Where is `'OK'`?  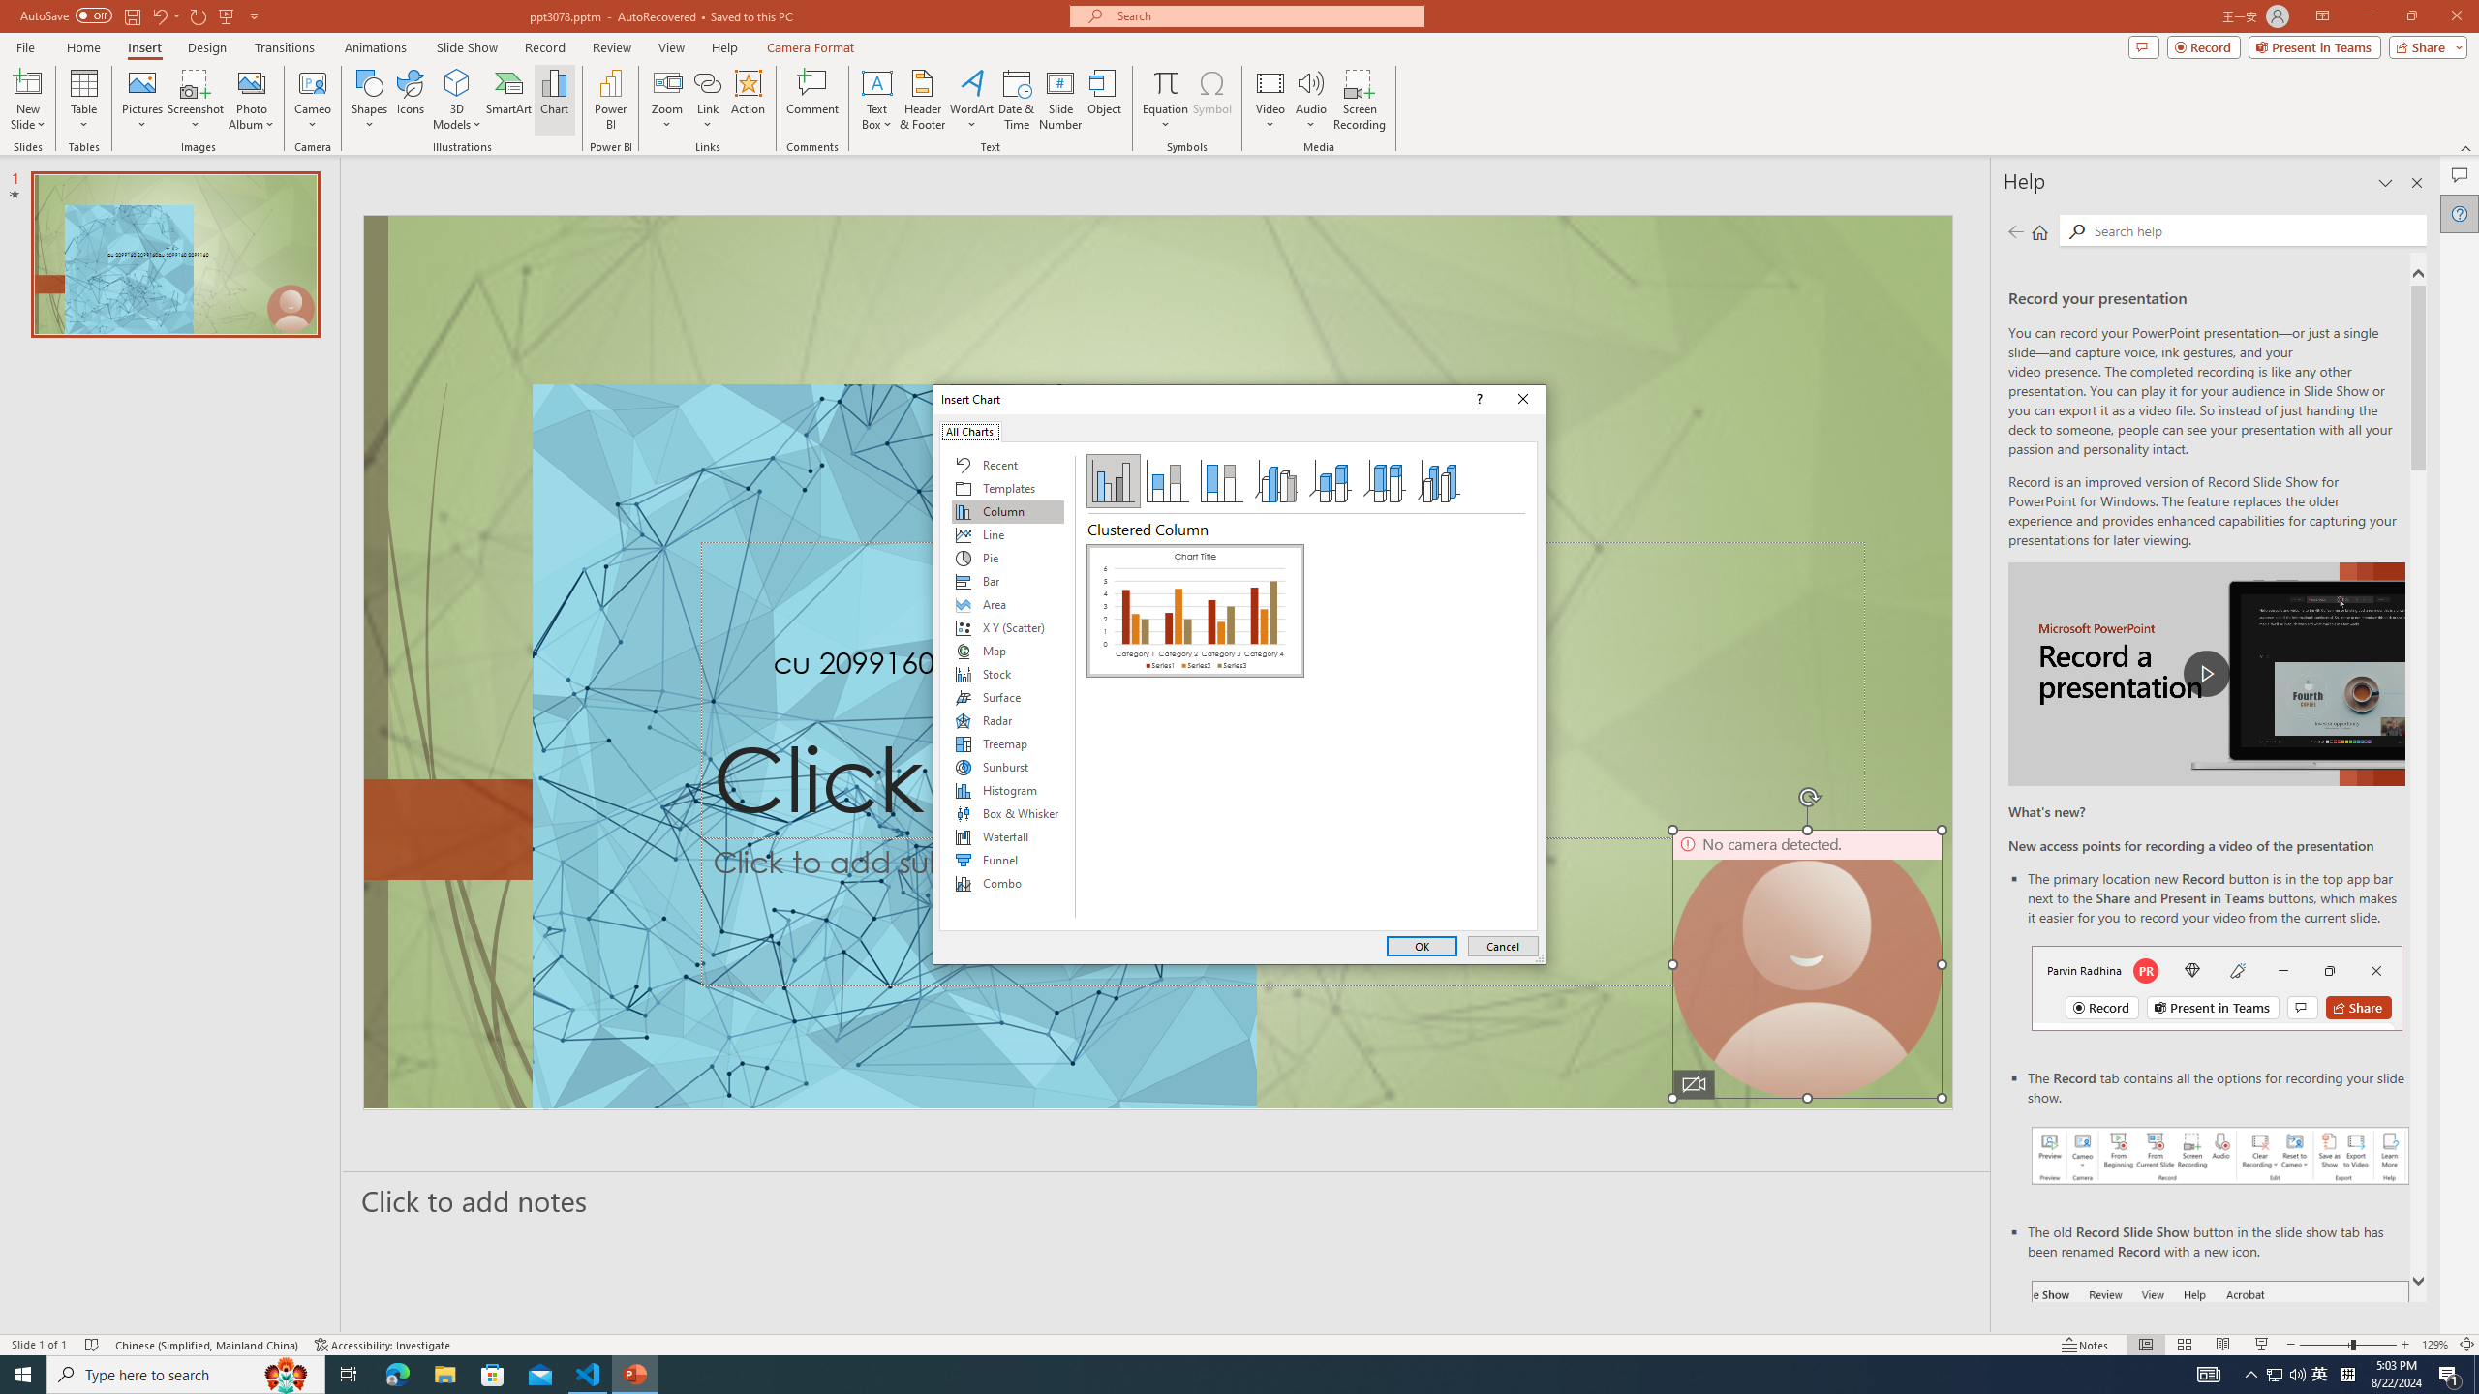 'OK' is located at coordinates (1421, 945).